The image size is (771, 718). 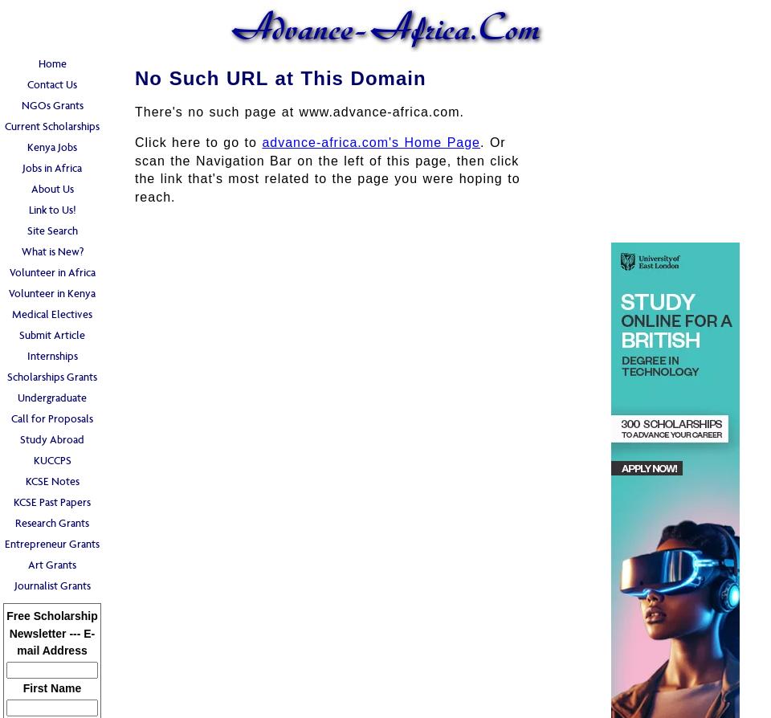 What do you see at coordinates (51, 147) in the screenshot?
I see `'Kenya Jobs'` at bounding box center [51, 147].